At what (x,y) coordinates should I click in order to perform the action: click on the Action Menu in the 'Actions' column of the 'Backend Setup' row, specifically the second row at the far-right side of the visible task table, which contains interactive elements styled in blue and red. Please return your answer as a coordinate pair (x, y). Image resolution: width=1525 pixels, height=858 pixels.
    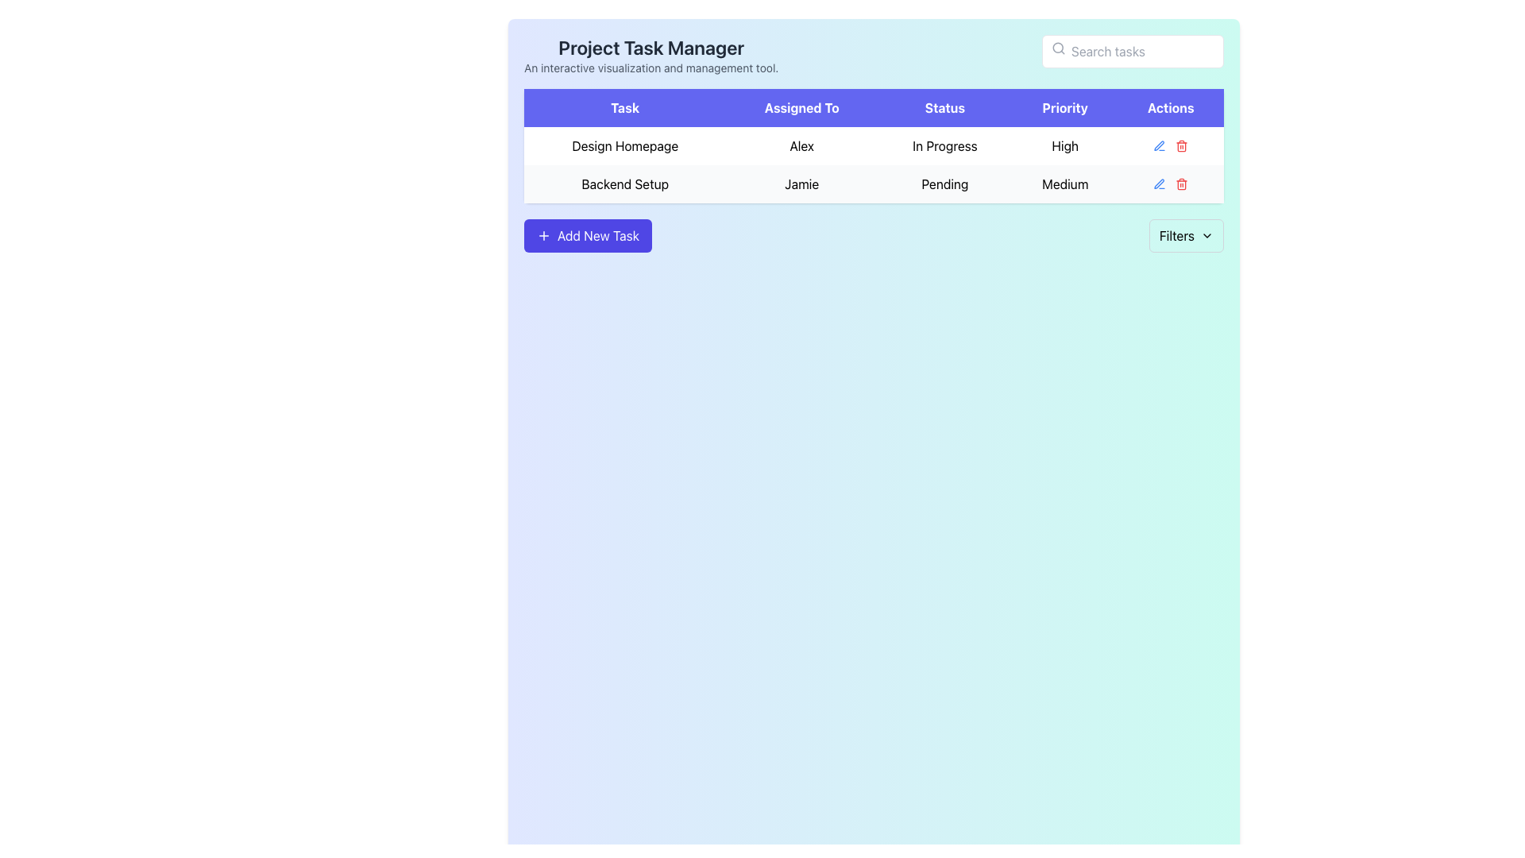
    Looking at the image, I should click on (1171, 183).